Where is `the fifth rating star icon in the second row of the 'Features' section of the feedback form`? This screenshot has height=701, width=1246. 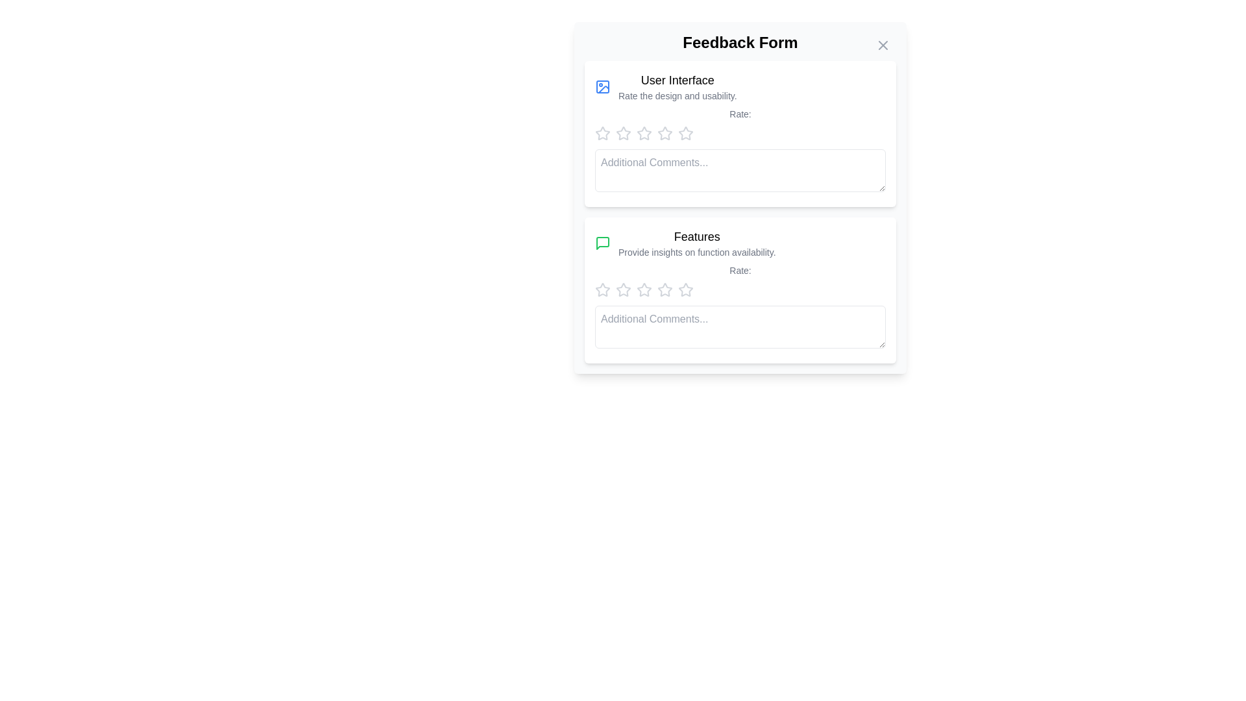 the fifth rating star icon in the second row of the 'Features' section of the feedback form is located at coordinates (685, 289).